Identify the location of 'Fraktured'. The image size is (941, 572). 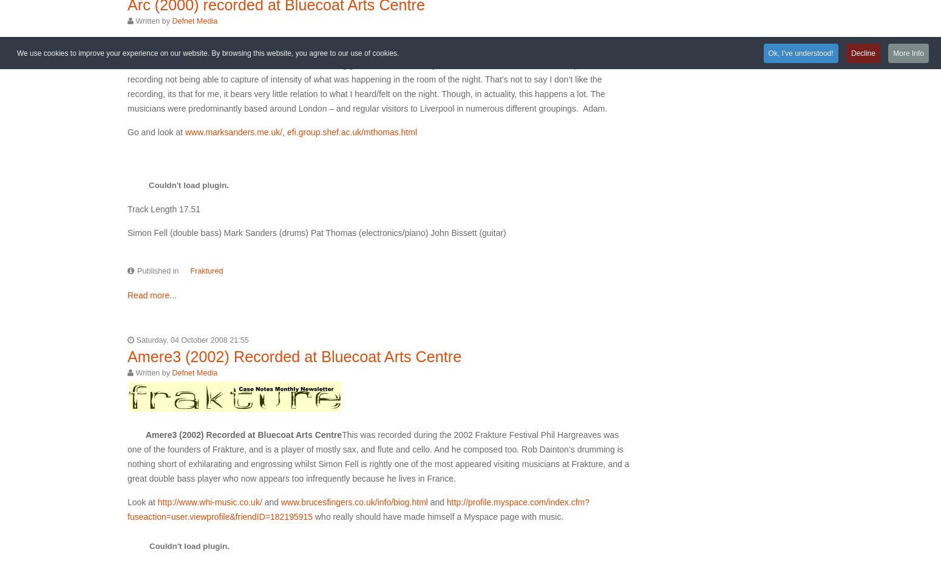
(206, 271).